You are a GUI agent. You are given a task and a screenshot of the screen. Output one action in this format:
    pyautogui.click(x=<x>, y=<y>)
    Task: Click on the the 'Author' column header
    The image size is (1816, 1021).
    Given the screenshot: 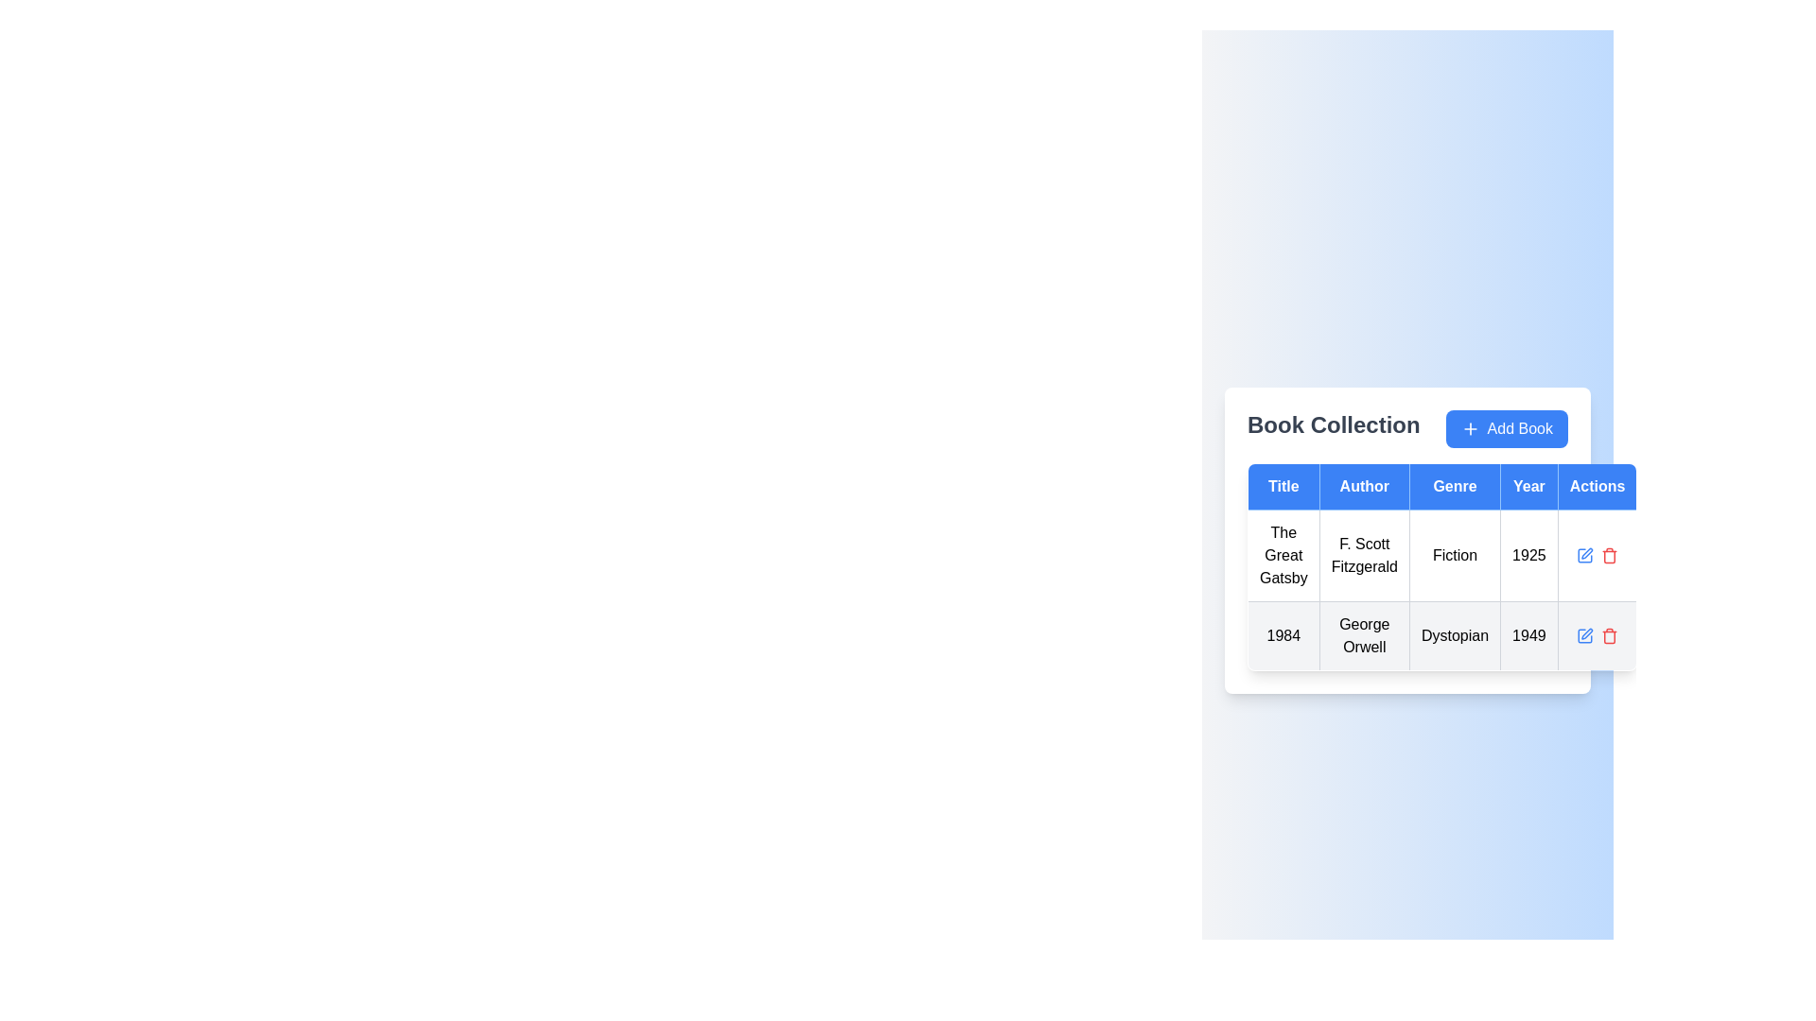 What is the action you would take?
    pyautogui.click(x=1364, y=486)
    